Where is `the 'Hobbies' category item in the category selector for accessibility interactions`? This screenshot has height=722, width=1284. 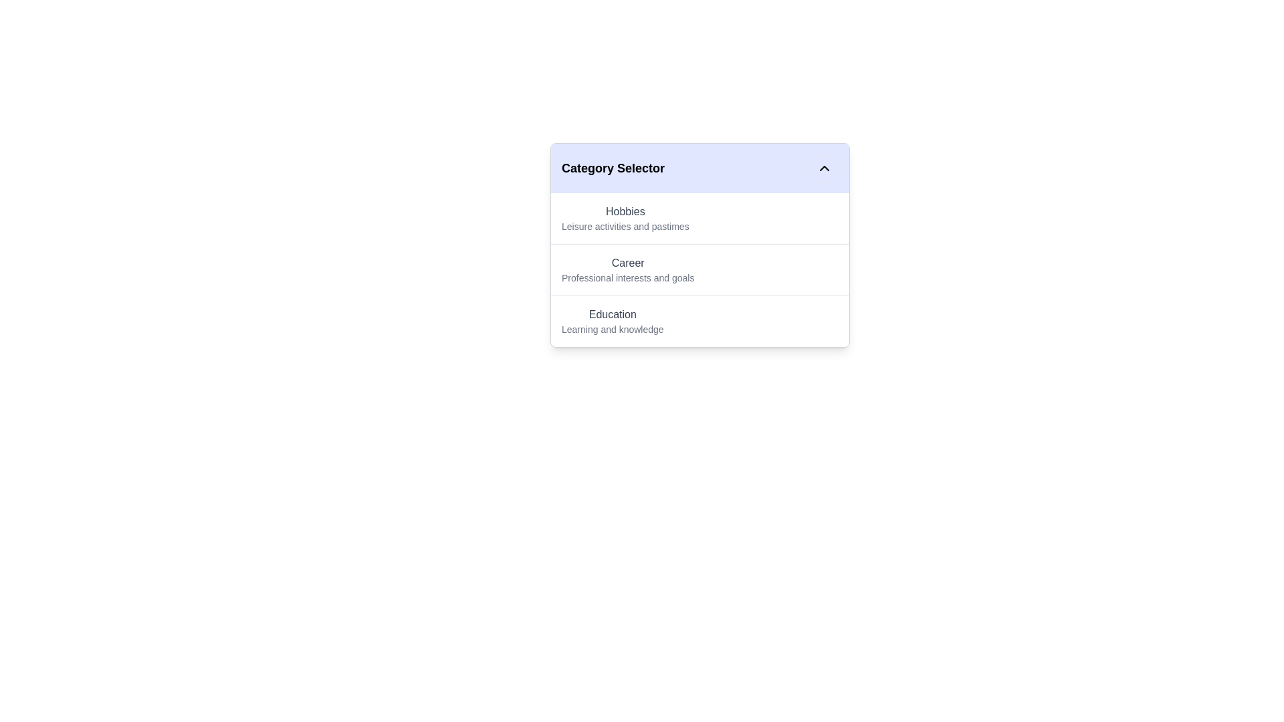 the 'Hobbies' category item in the category selector for accessibility interactions is located at coordinates (625, 218).